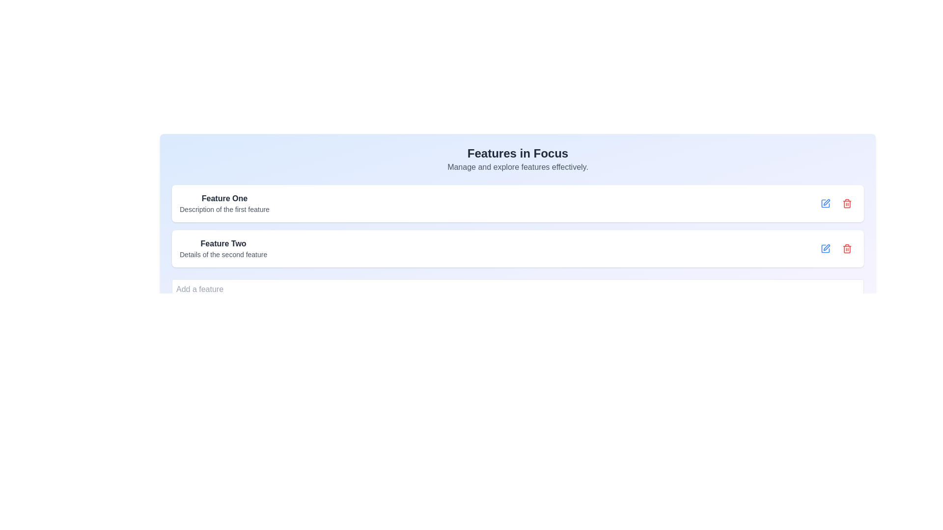 This screenshot has width=943, height=530. What do you see at coordinates (224, 203) in the screenshot?
I see `the informational text block displaying the title and description of a feature, located on the topmost card in the center of the interface` at bounding box center [224, 203].